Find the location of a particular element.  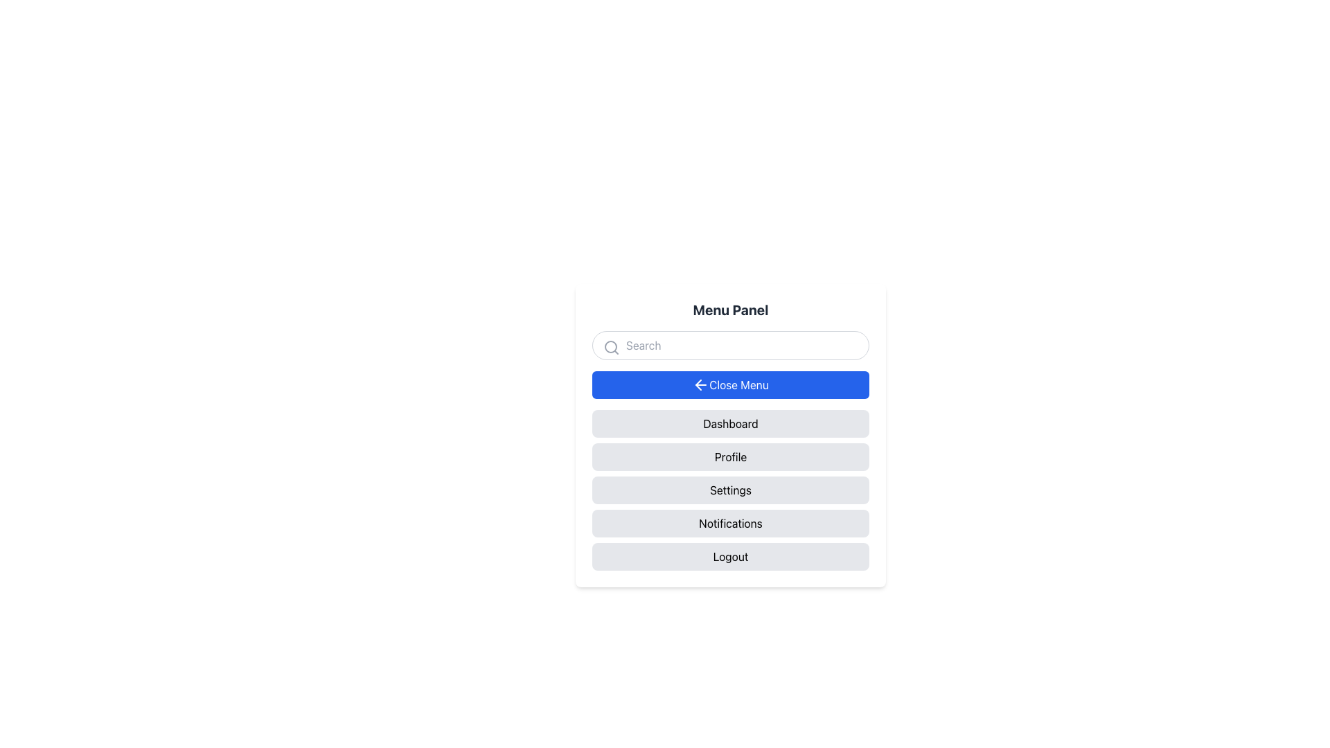

the third button in the vertical menu list is located at coordinates (730, 490).